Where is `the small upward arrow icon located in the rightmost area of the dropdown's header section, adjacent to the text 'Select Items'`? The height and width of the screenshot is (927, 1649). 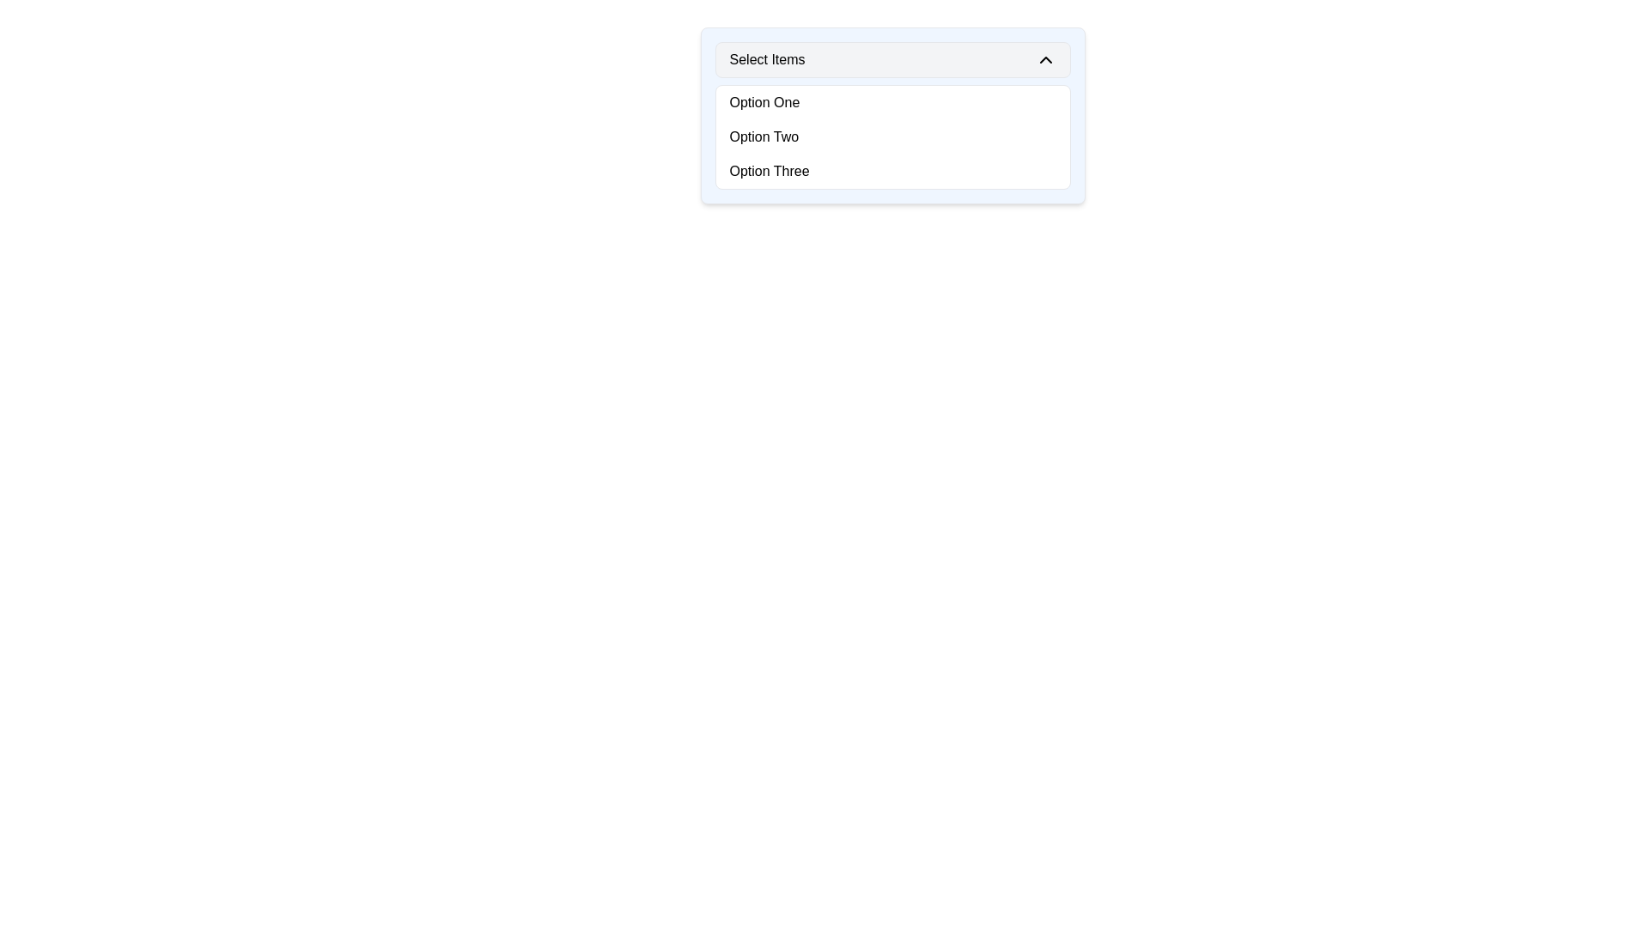
the small upward arrow icon located in the rightmost area of the dropdown's header section, adjacent to the text 'Select Items' is located at coordinates (1044, 58).